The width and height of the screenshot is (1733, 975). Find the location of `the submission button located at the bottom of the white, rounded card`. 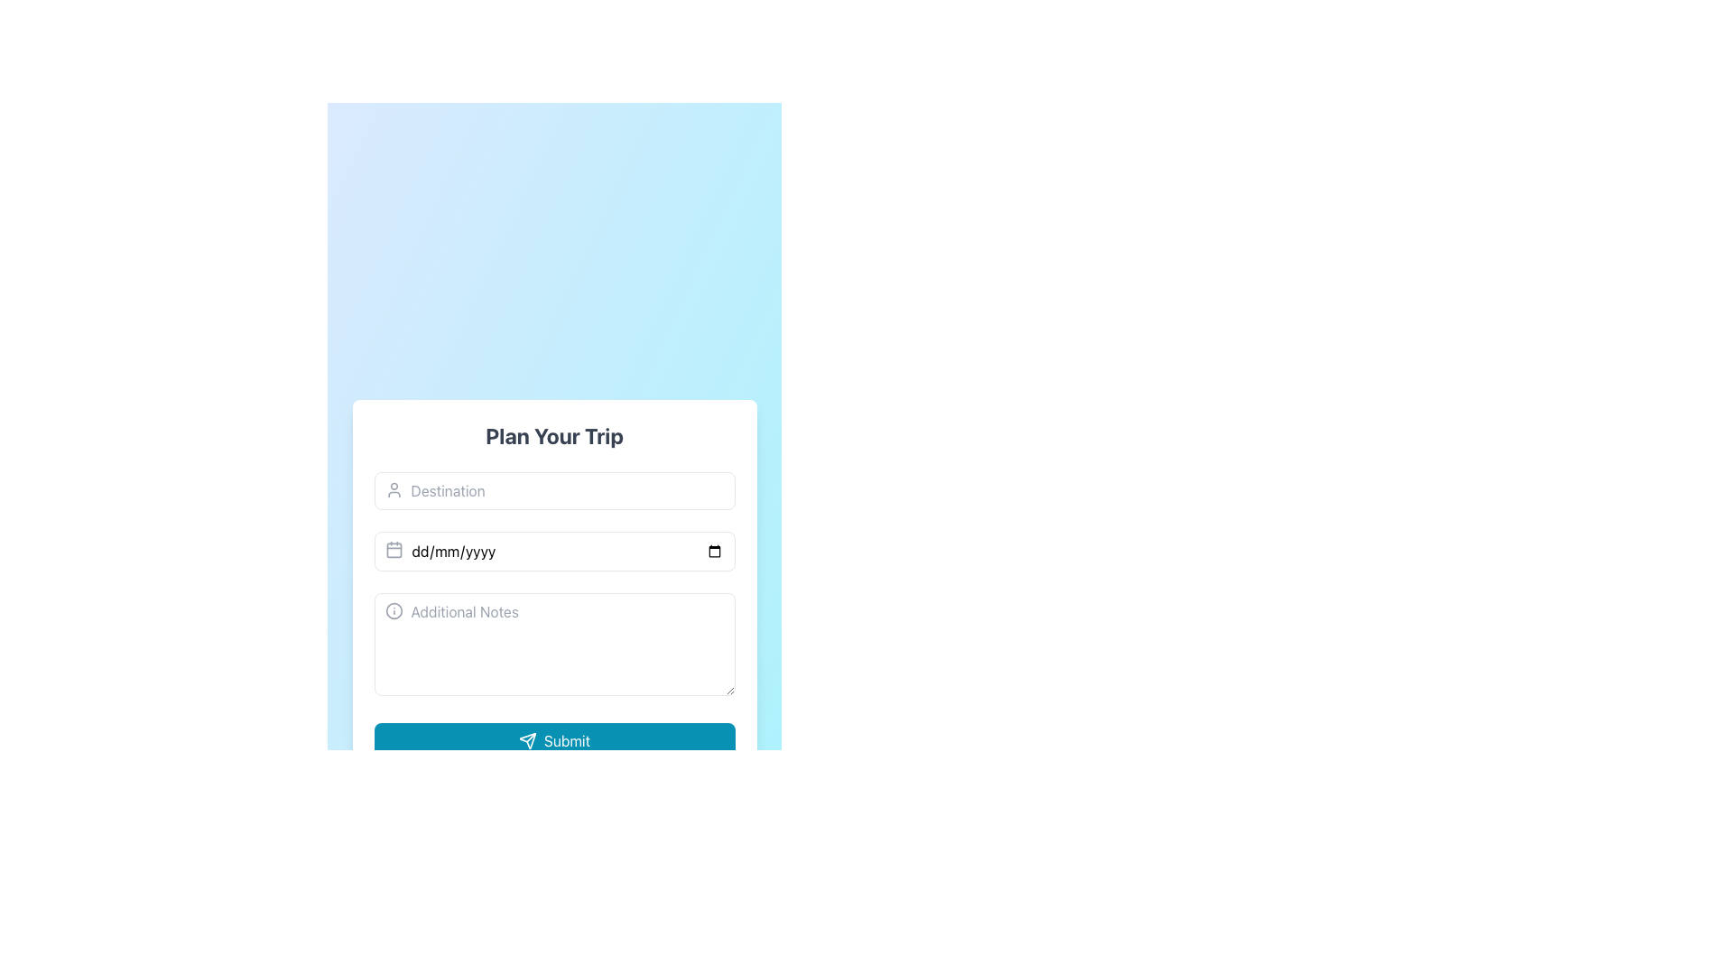

the submission button located at the bottom of the white, rounded card is located at coordinates (553, 741).